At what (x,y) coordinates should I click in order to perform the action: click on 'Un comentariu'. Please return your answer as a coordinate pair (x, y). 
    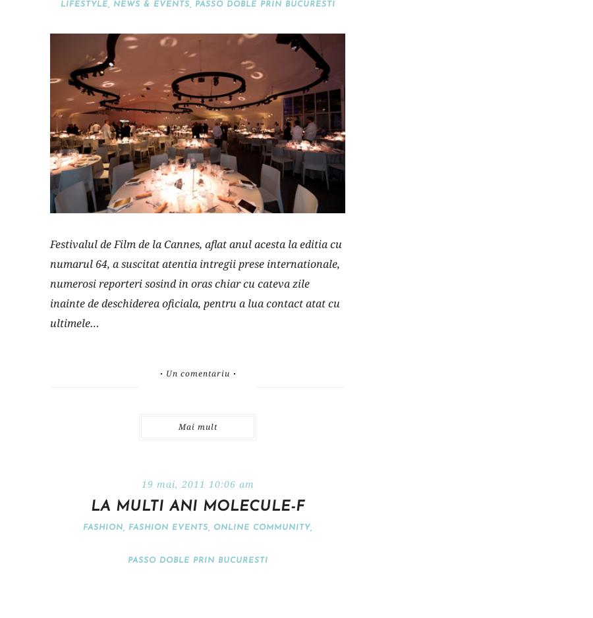
    Looking at the image, I should click on (196, 373).